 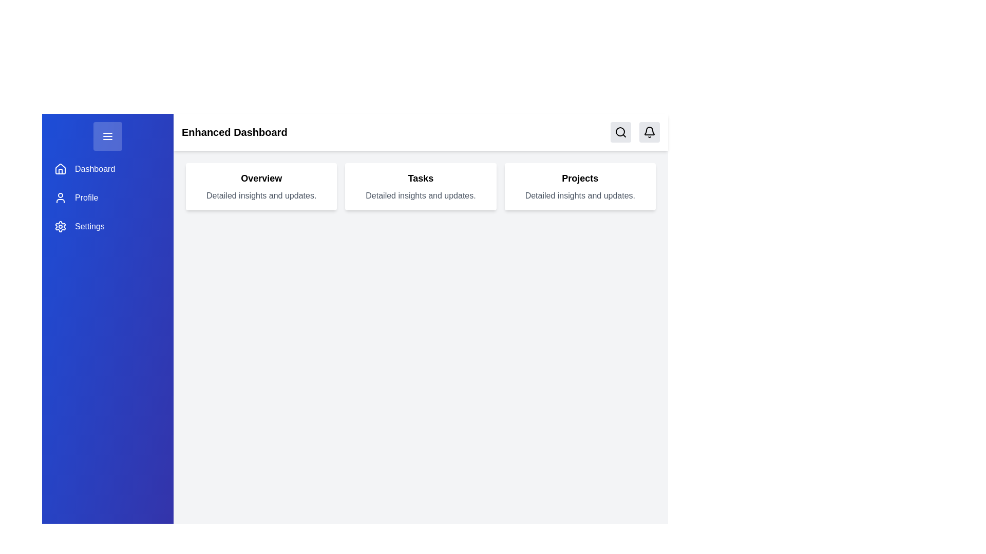 What do you see at coordinates (89, 226) in the screenshot?
I see `the 'Settings' text label in the vertical navigation menu, which is displayed in white text on a blue background, located below the 'Profile' option` at bounding box center [89, 226].